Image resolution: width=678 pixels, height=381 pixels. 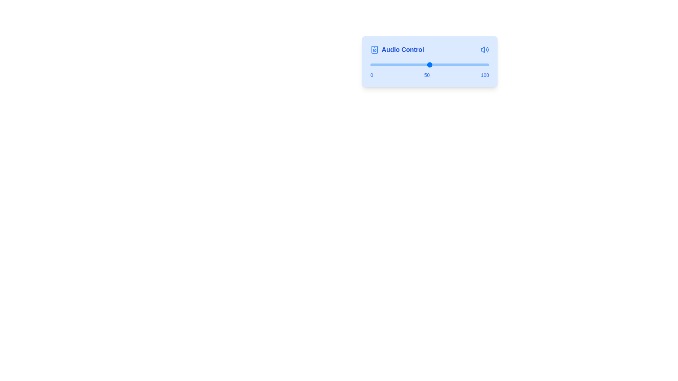 I want to click on the speaker icon representing the audio system located to the left of the 'Audio Control' text, so click(x=374, y=49).